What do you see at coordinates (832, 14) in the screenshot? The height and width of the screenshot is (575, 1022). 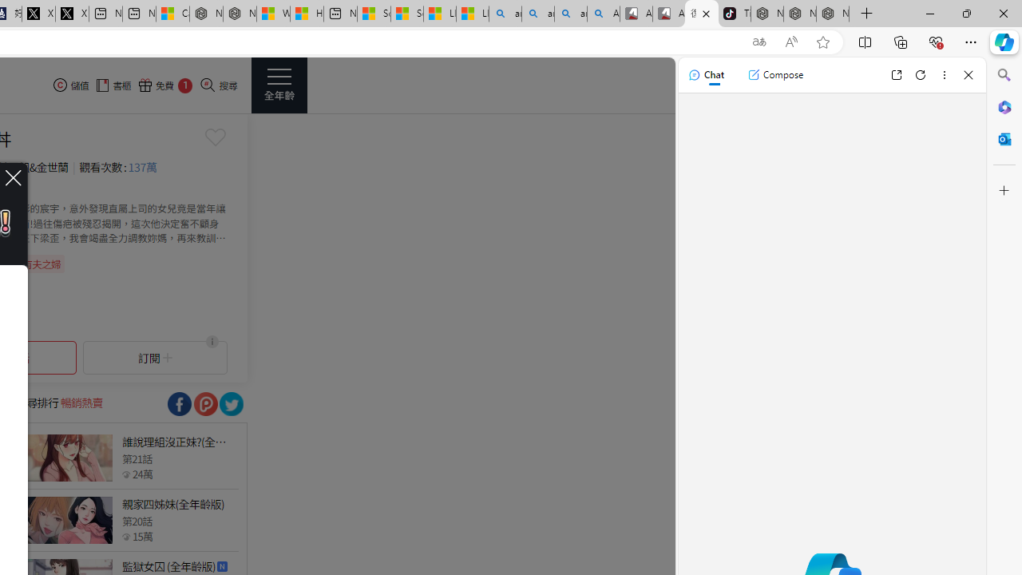 I see `'Nordace - Siena Pro 15 Essential Set'` at bounding box center [832, 14].